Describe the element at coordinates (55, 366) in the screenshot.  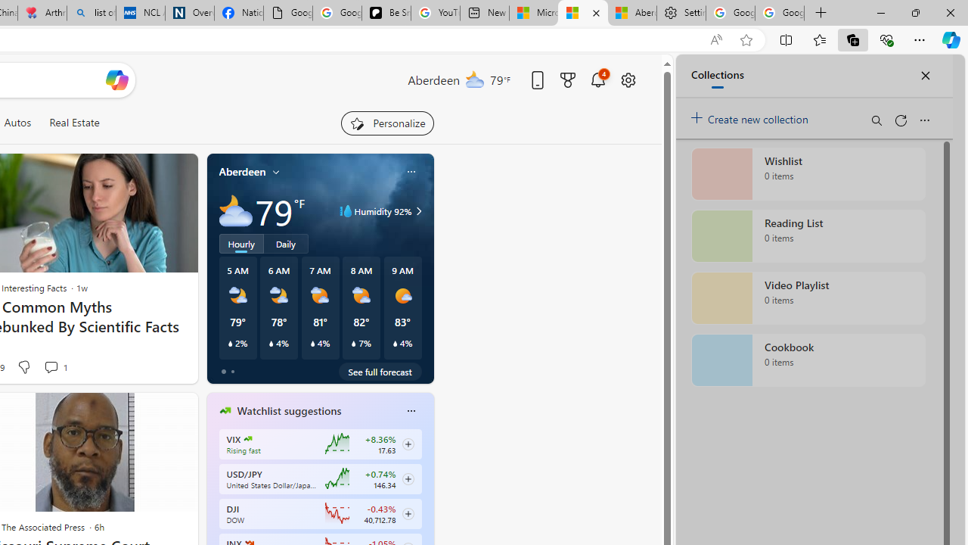
I see `'View comments 1 Comment'` at that location.